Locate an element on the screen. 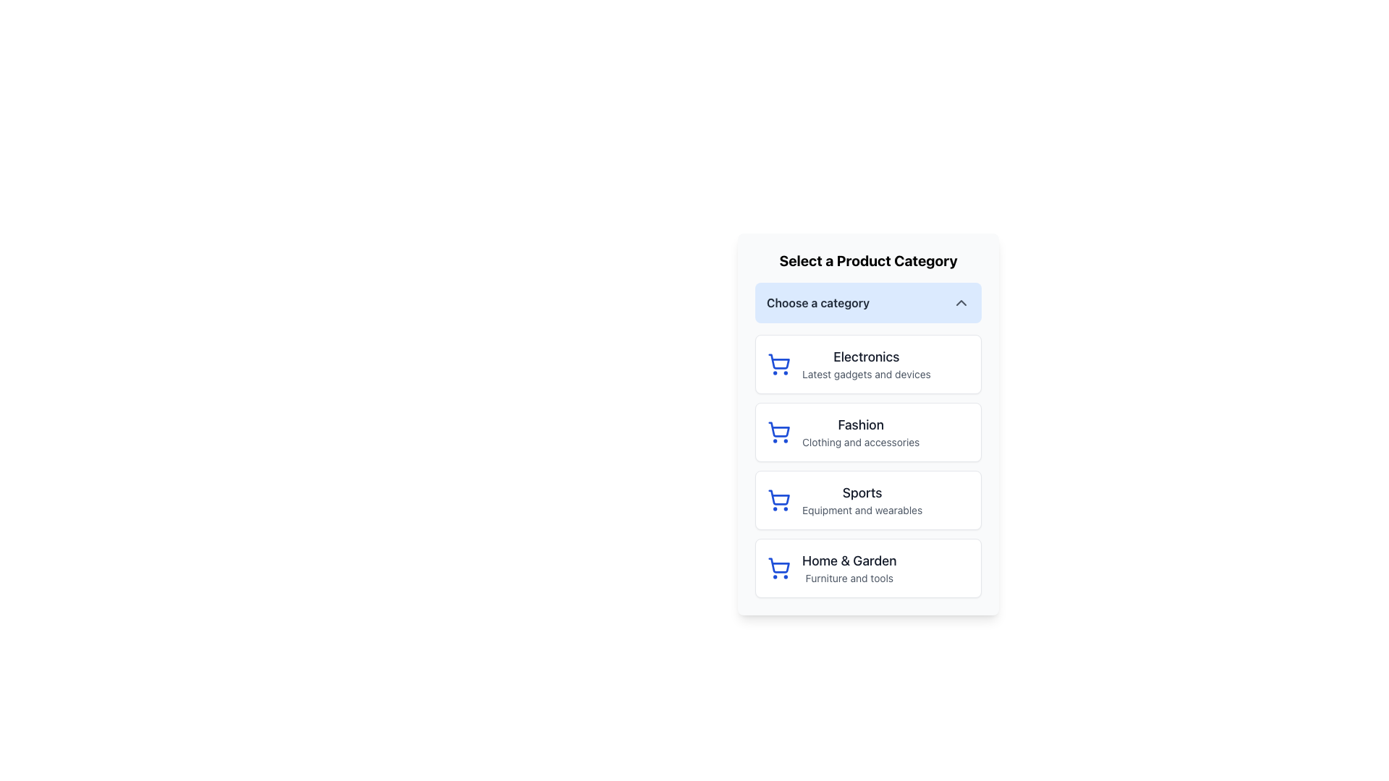  the 'Electronics' text display element, which is the first card in the 'Select a Product Category' panel is located at coordinates (866, 364).